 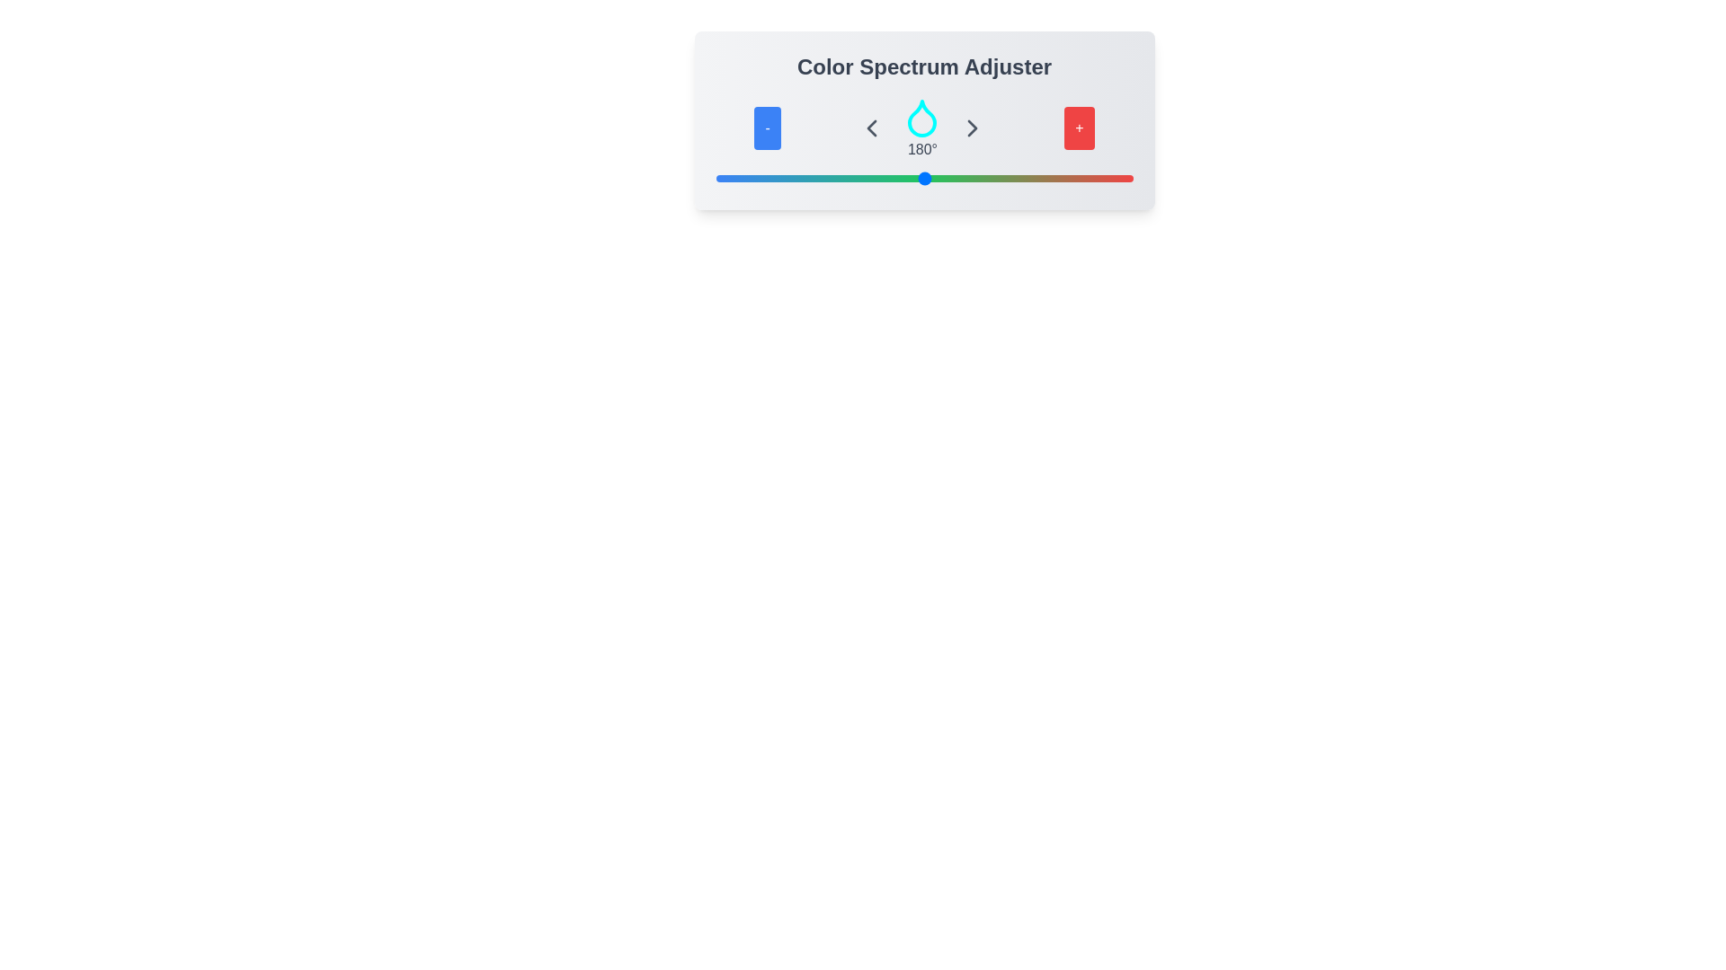 I want to click on the slider to set the color spectrum to 249, so click(x=1003, y=179).